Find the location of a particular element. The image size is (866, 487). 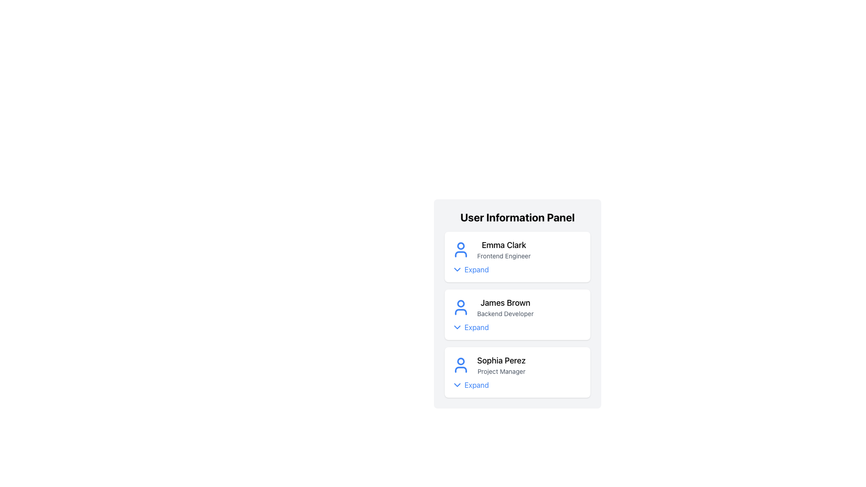

the text label displaying 'James Brown' in bold font, which is part of the user card layout within the 'User Information Panel' is located at coordinates (505, 307).